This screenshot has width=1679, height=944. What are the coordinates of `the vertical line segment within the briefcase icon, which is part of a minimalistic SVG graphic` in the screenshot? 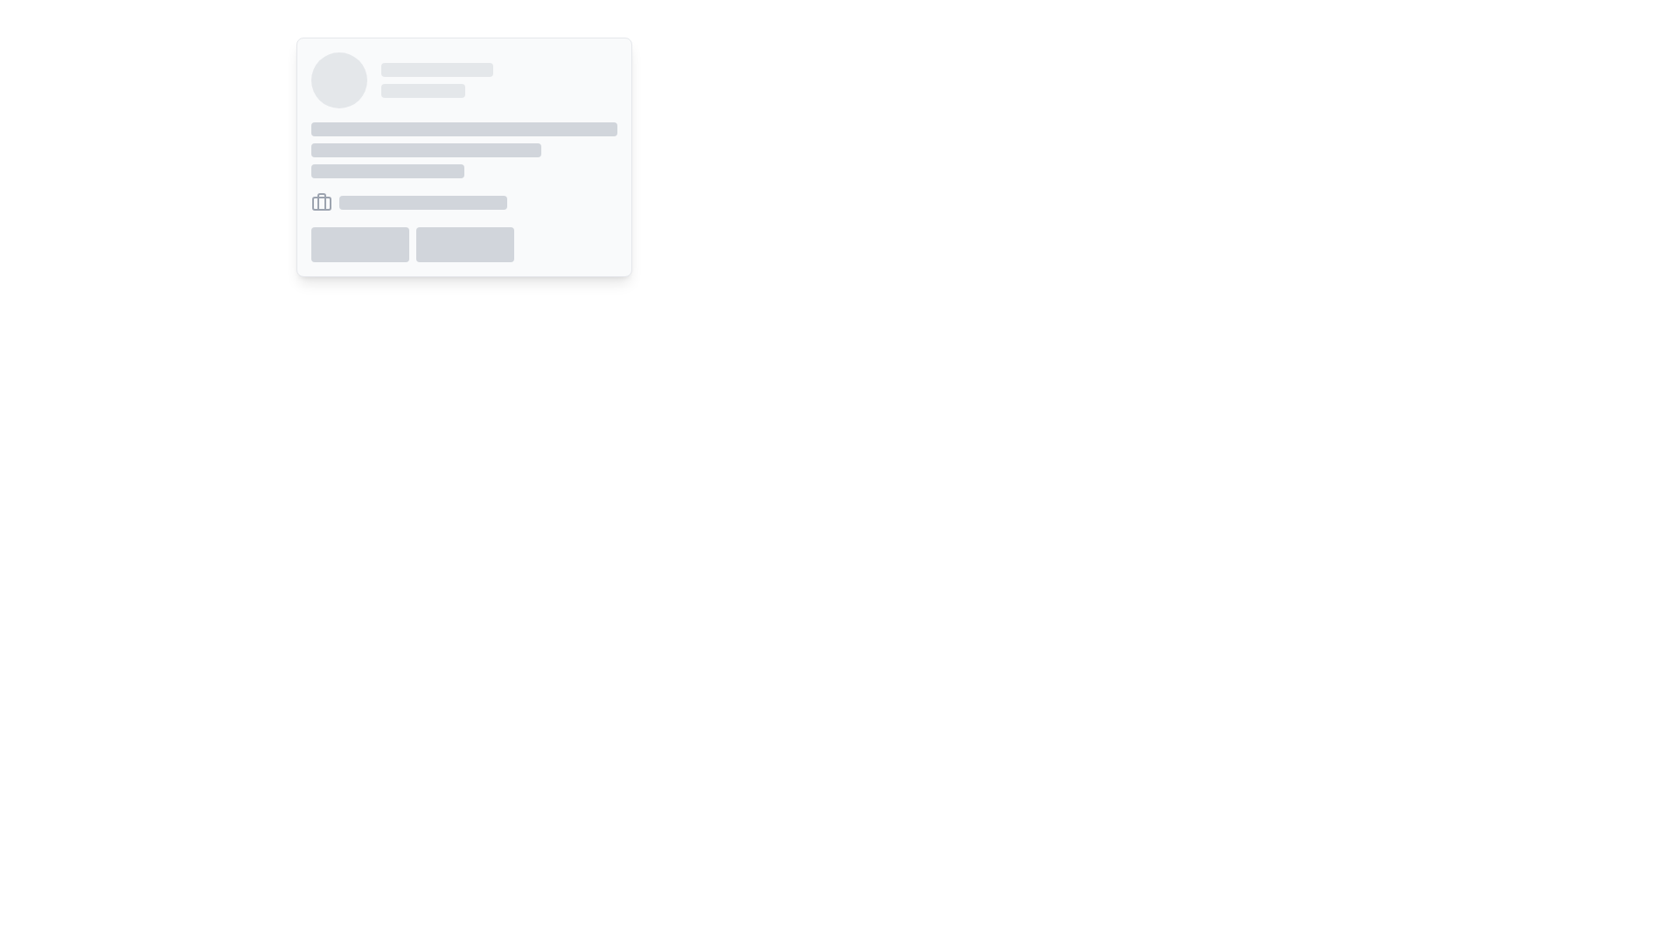 It's located at (322, 201).